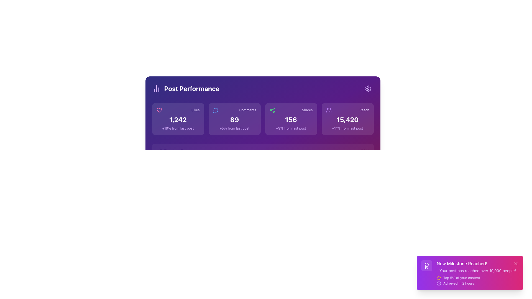 This screenshot has height=299, width=532. Describe the element at coordinates (192, 88) in the screenshot. I see `the 'Post Performance' header text label, which serves as a title for the section below and indicates the context of the information` at that location.